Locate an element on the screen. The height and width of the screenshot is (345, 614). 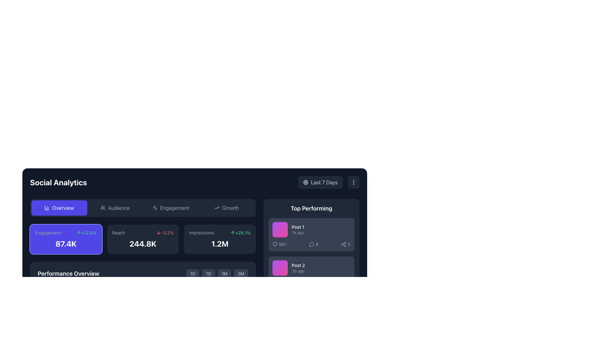
the analytics card labeled 'Reach' which displays a statistic of '-3.2%' and is positioned between the 'Engagement' card and the 'Impressions' card in the grid layout is located at coordinates (142, 239).